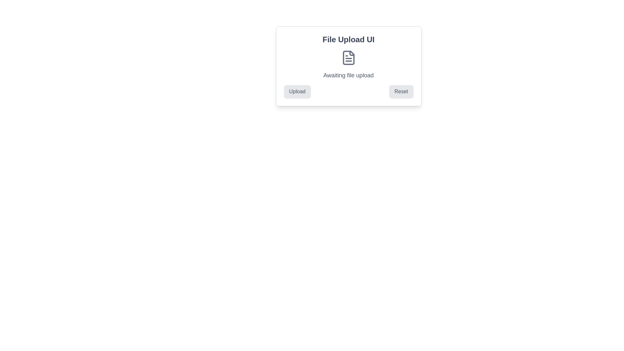 The image size is (624, 351). What do you see at coordinates (348, 57) in the screenshot?
I see `the document icon in the file upload interface, which is centrally located under the 'File Upload UI' header and above the 'Awaiting file upload' text` at bounding box center [348, 57].